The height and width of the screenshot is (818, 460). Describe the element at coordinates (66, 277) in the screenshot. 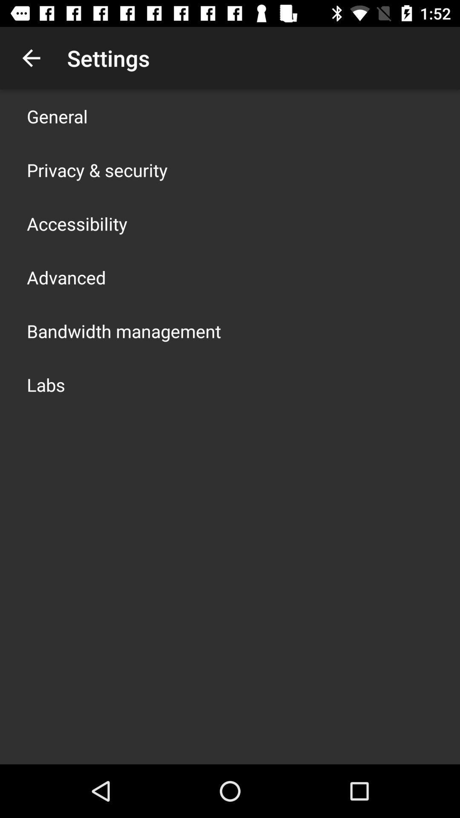

I see `advanced` at that location.